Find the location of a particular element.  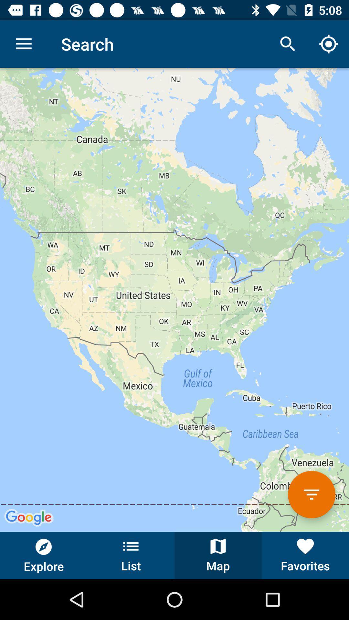

icon next to map item is located at coordinates (305, 555).